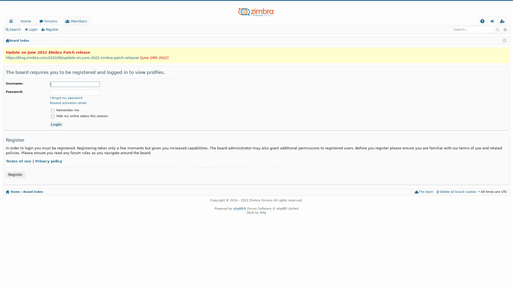 This screenshot has width=513, height=288. Describe the element at coordinates (56, 124) in the screenshot. I see `Login` at that location.